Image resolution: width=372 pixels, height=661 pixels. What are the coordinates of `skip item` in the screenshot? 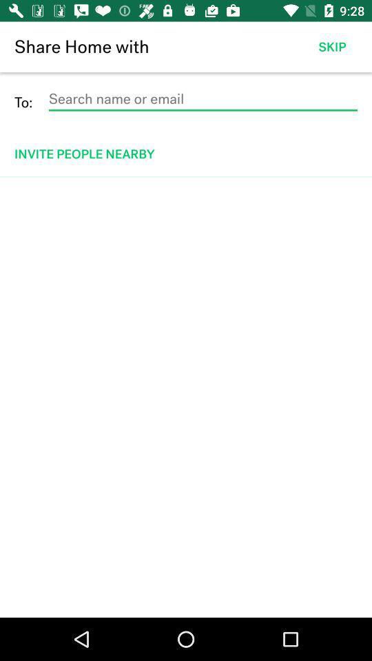 It's located at (331, 47).